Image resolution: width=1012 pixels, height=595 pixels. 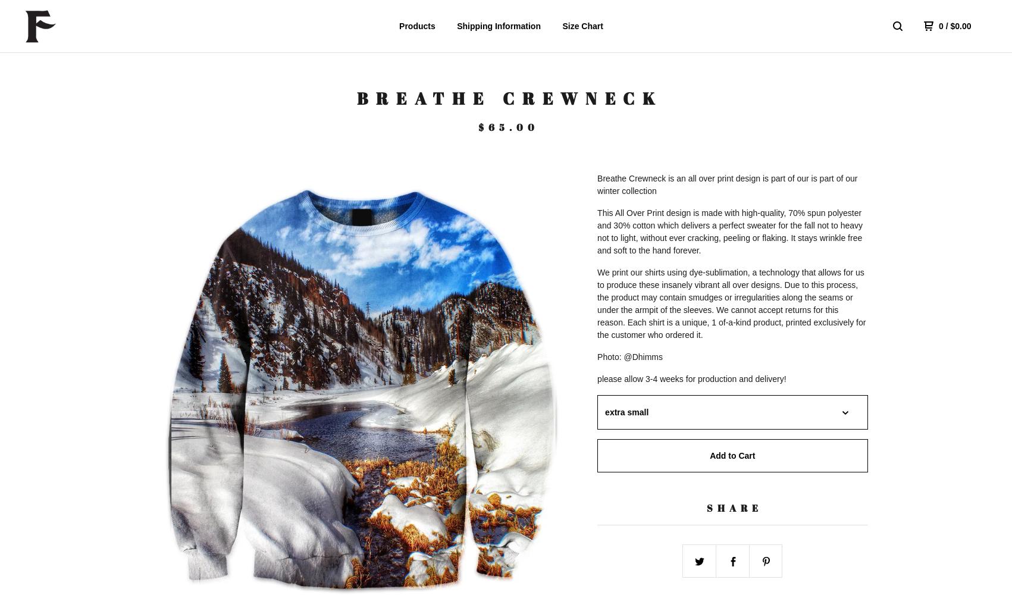 I want to click on 'Shipping Information', so click(x=499, y=26).